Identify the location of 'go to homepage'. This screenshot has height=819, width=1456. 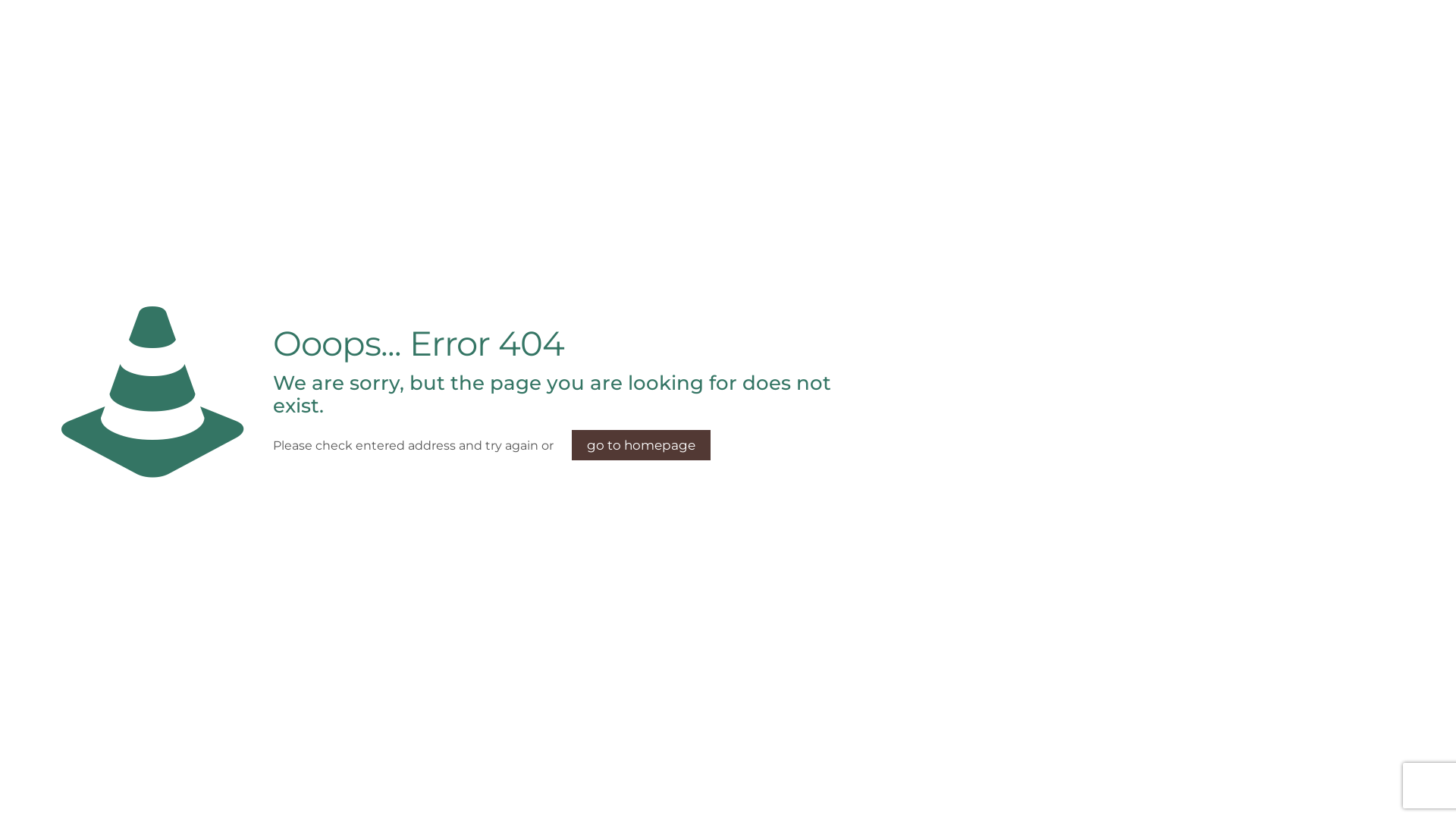
(570, 444).